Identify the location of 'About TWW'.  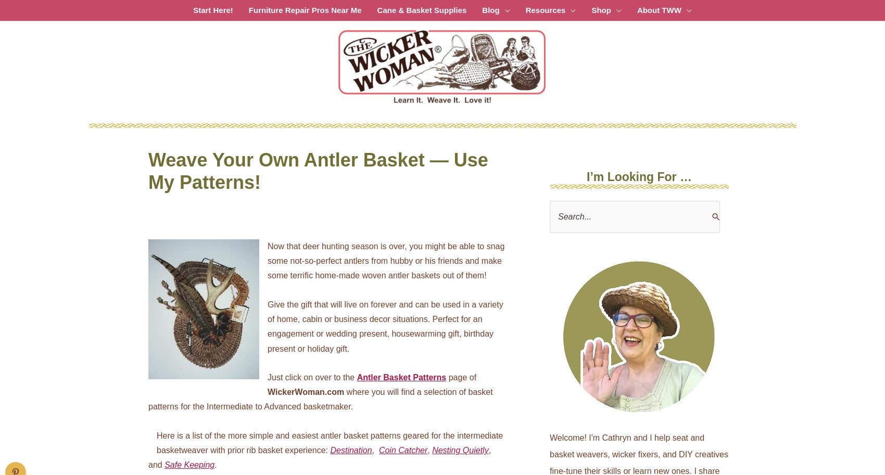
(658, 10).